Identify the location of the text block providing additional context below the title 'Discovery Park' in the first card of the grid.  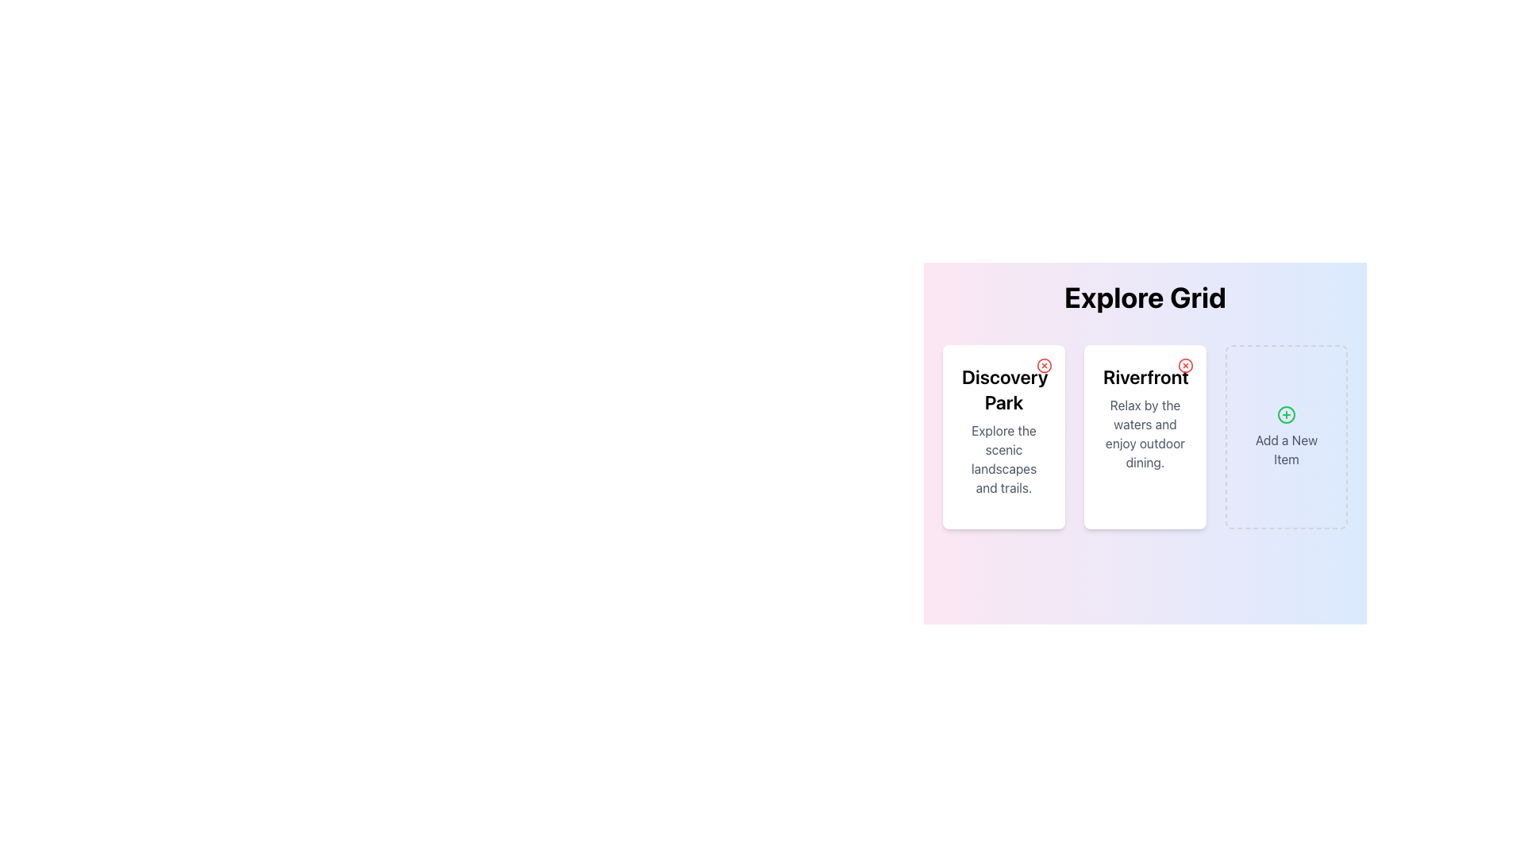
(1003, 459).